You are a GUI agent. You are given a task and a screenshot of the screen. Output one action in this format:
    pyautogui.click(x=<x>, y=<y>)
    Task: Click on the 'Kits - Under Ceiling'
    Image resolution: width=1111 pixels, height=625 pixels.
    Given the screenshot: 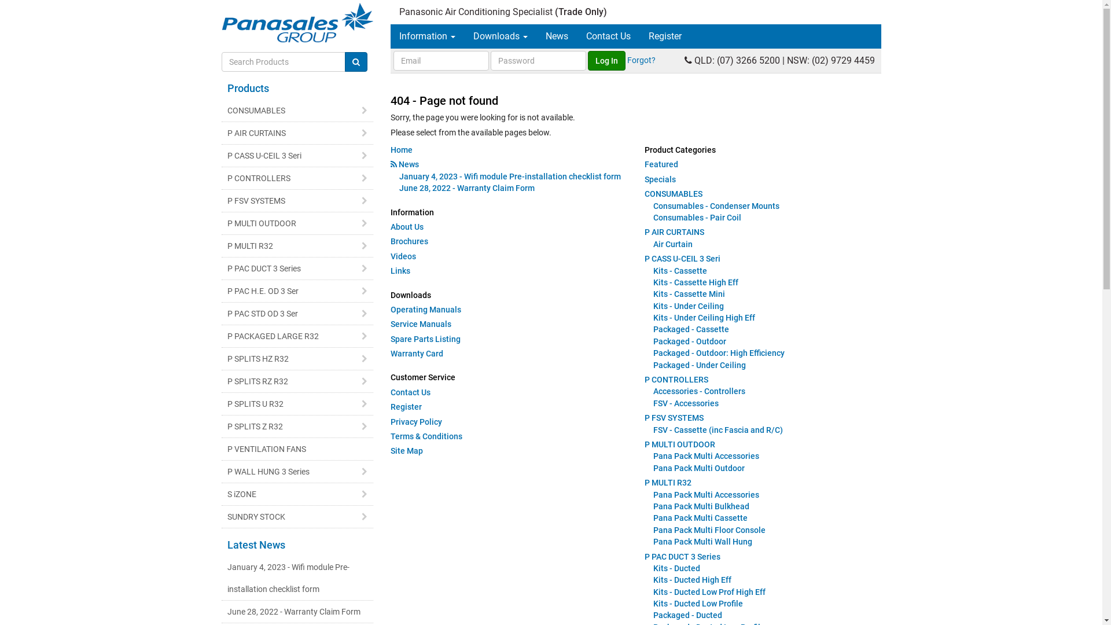 What is the action you would take?
    pyautogui.click(x=653, y=305)
    